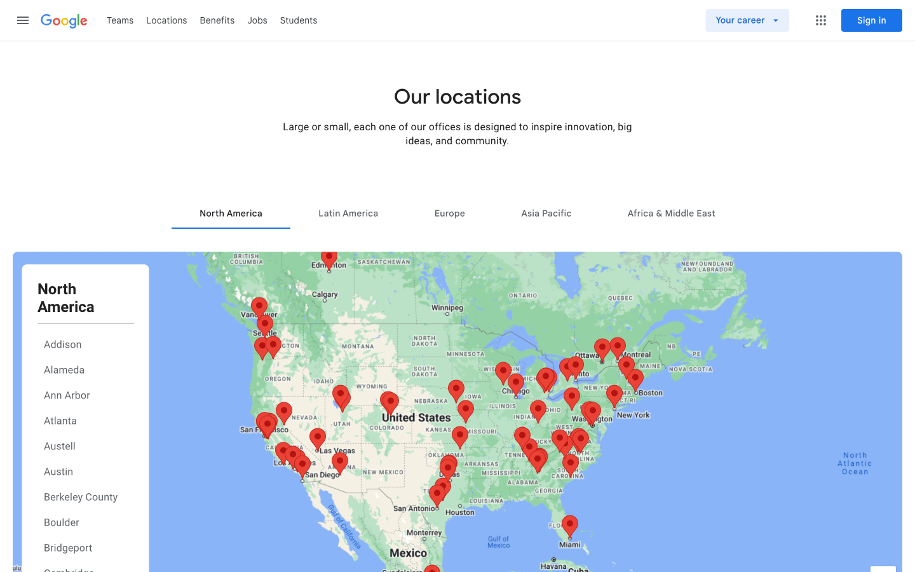 This screenshot has height=572, width=915. Describe the element at coordinates (64, 21) in the screenshot. I see `Redirect to Google"s homepage` at that location.